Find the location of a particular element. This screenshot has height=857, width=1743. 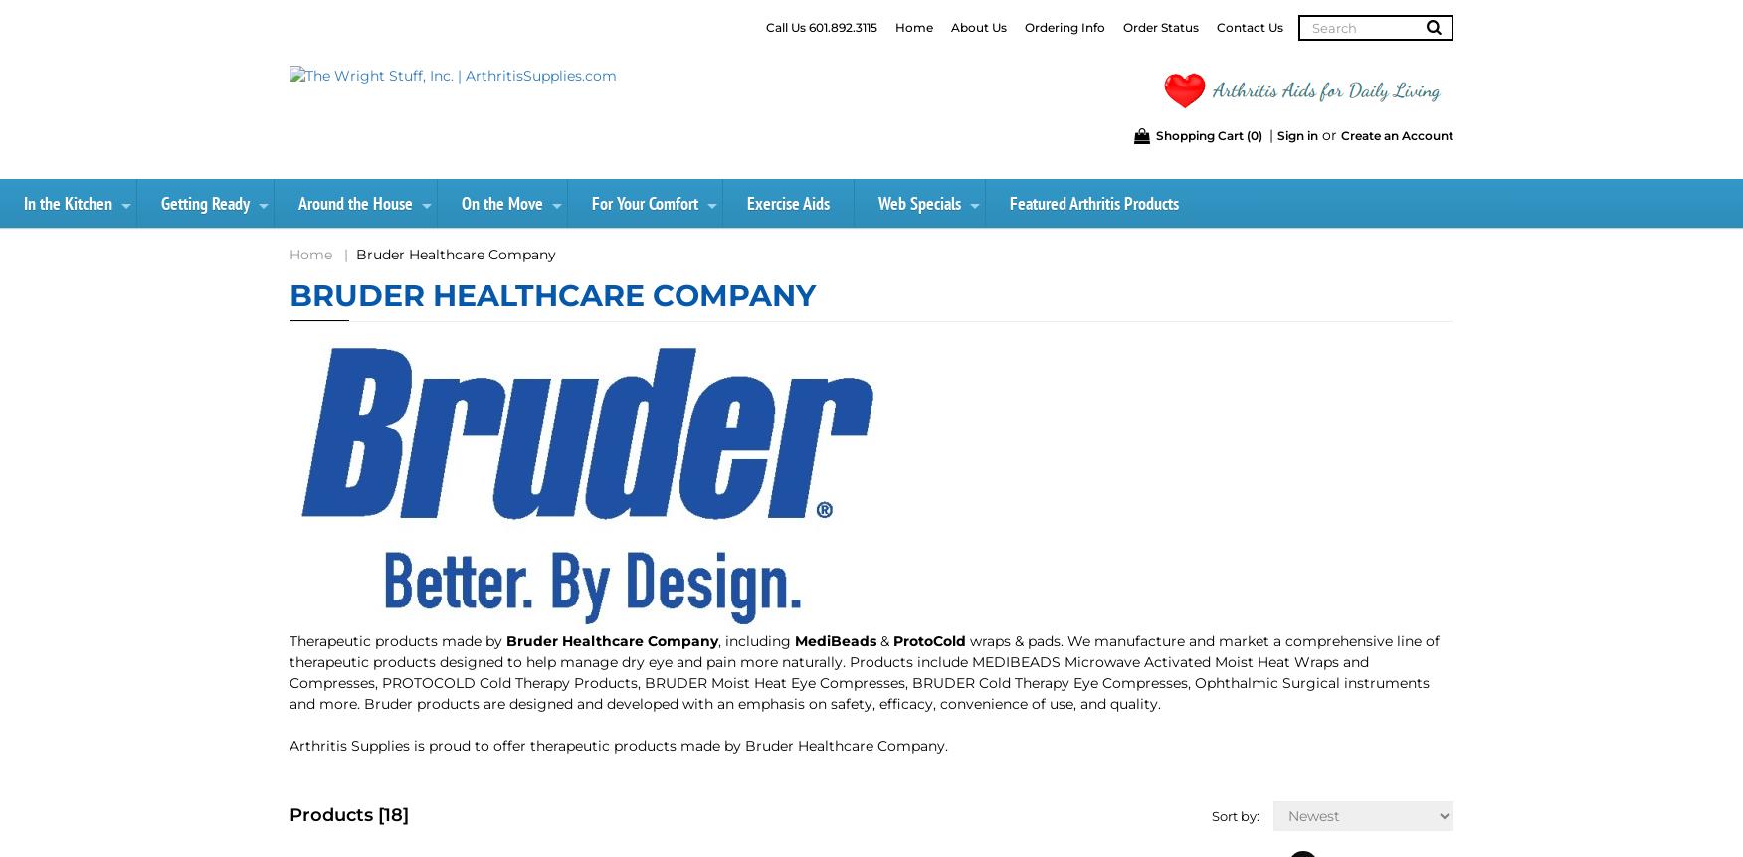

'For Your Comfort' is located at coordinates (645, 203).